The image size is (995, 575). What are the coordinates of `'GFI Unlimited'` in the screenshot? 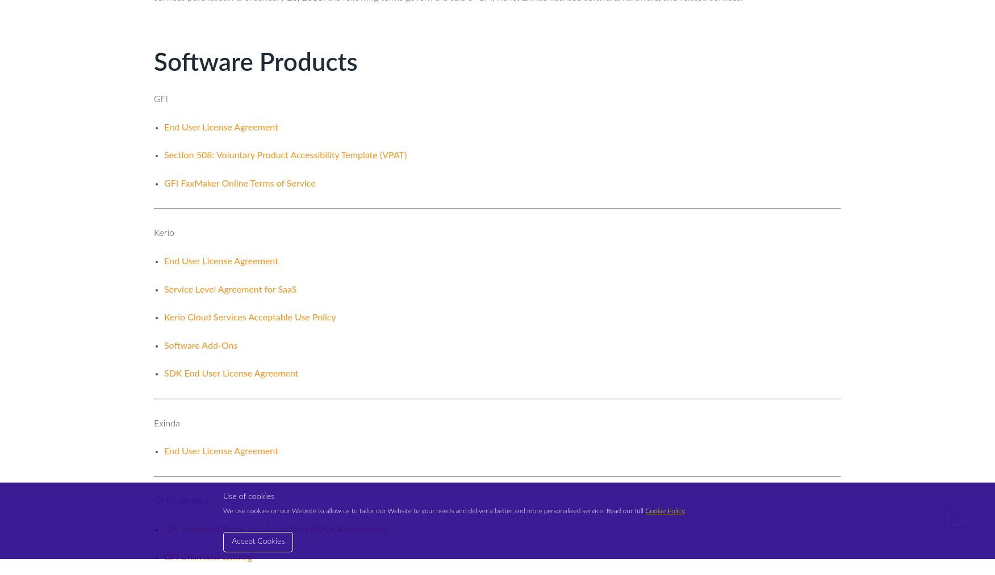 It's located at (181, 501).